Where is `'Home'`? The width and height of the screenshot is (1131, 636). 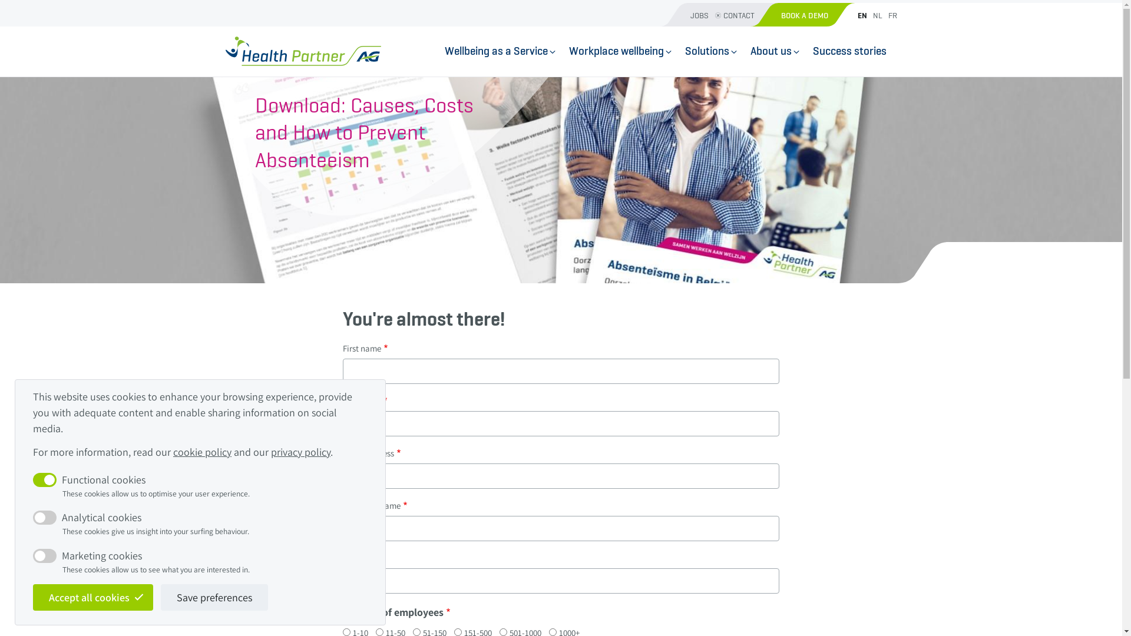
'Home' is located at coordinates (302, 51).